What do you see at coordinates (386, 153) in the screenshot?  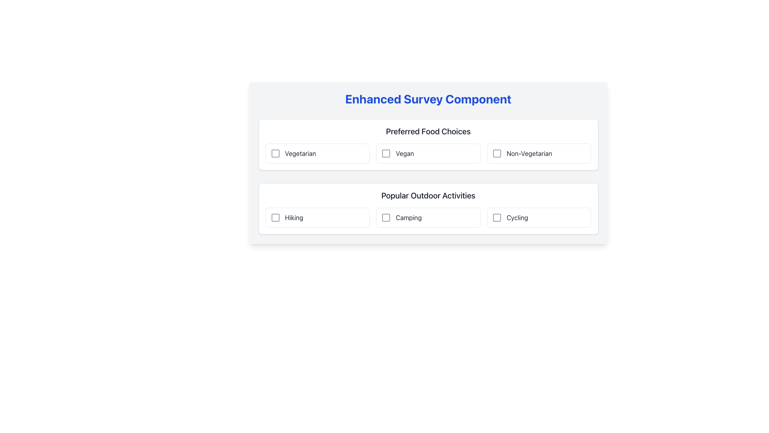 I see `state of the selected checkbox for 'Vegan' within the 'Preferred Food Choices' group to determine if it is checked or unchecked` at bounding box center [386, 153].